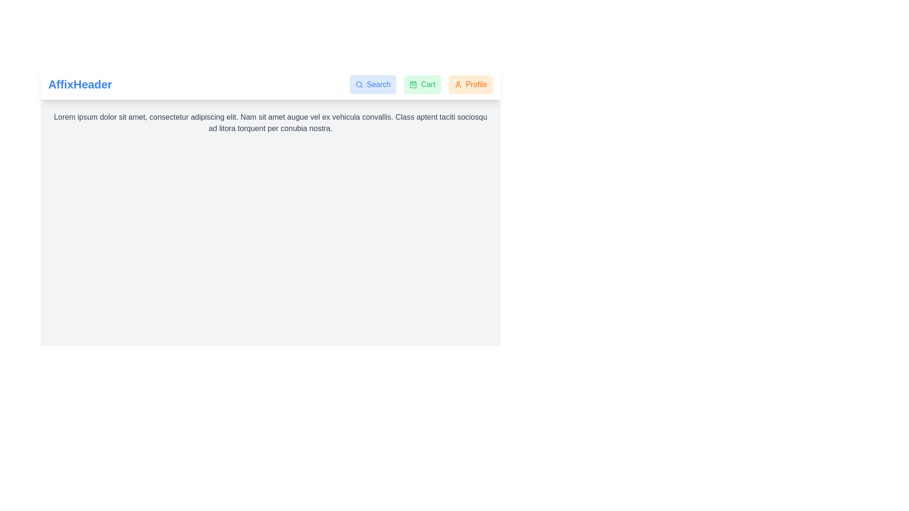  I want to click on the circular graphical icon component located within the search icon section of the navigation header, so click(358, 83).